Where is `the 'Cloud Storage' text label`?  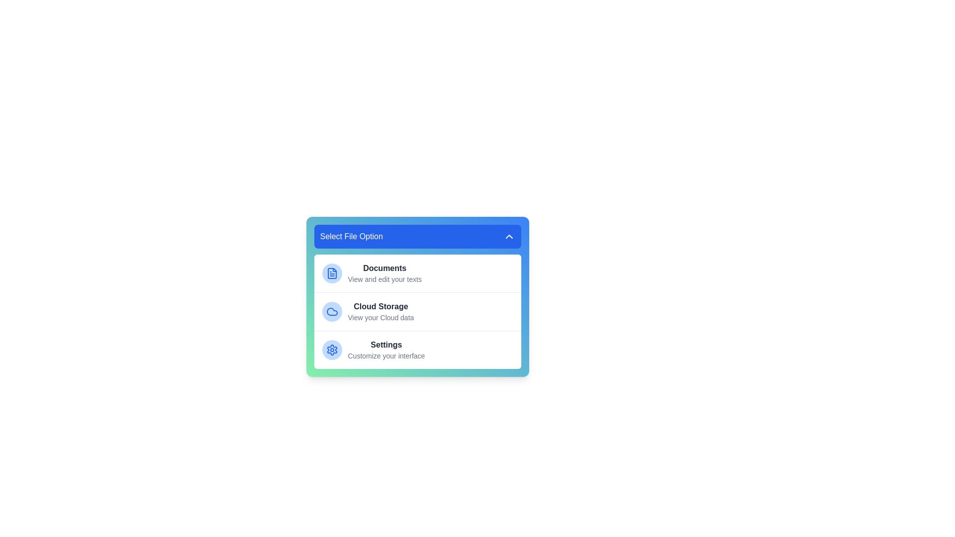 the 'Cloud Storage' text label is located at coordinates (380, 311).